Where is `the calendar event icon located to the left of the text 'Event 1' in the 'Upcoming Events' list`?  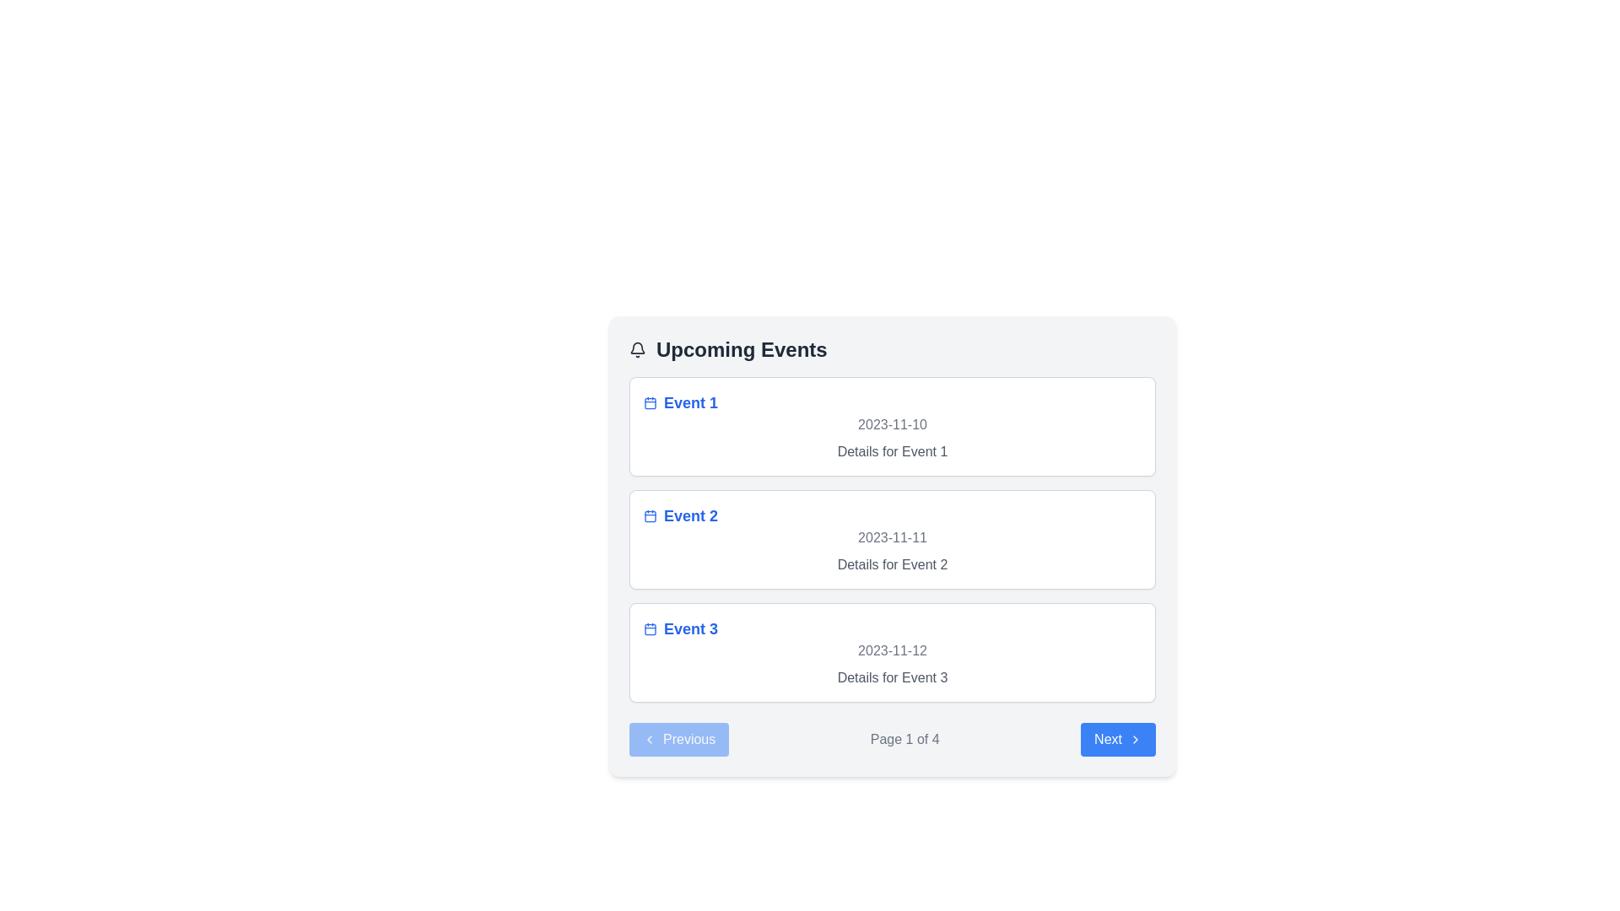 the calendar event icon located to the left of the text 'Event 1' in the 'Upcoming Events' list is located at coordinates (650, 403).